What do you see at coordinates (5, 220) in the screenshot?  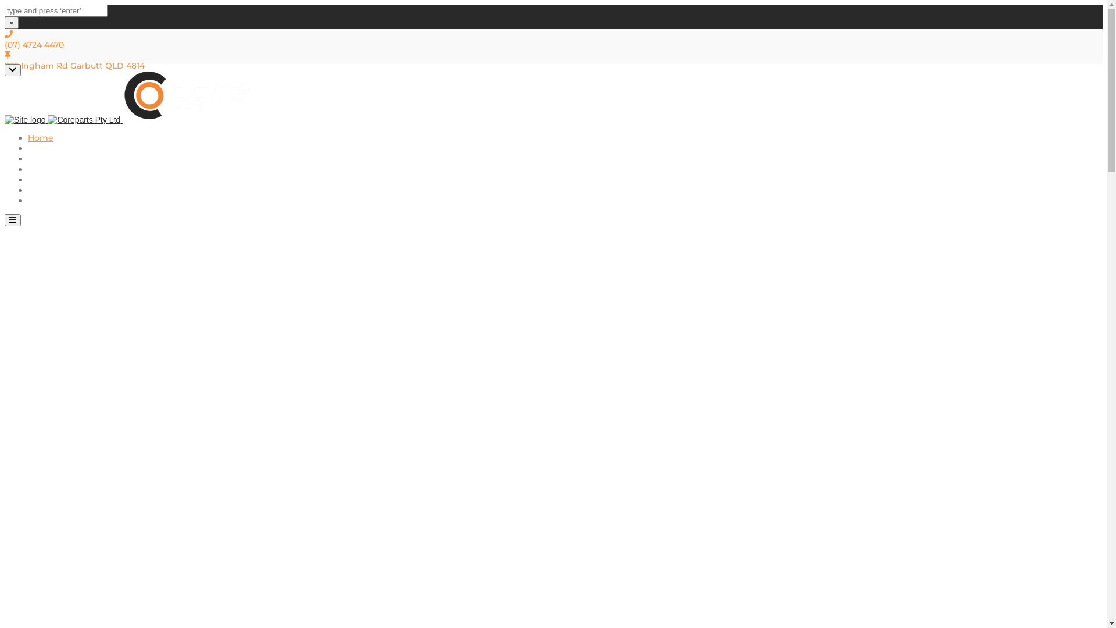 I see `'Toggle navigation'` at bounding box center [5, 220].